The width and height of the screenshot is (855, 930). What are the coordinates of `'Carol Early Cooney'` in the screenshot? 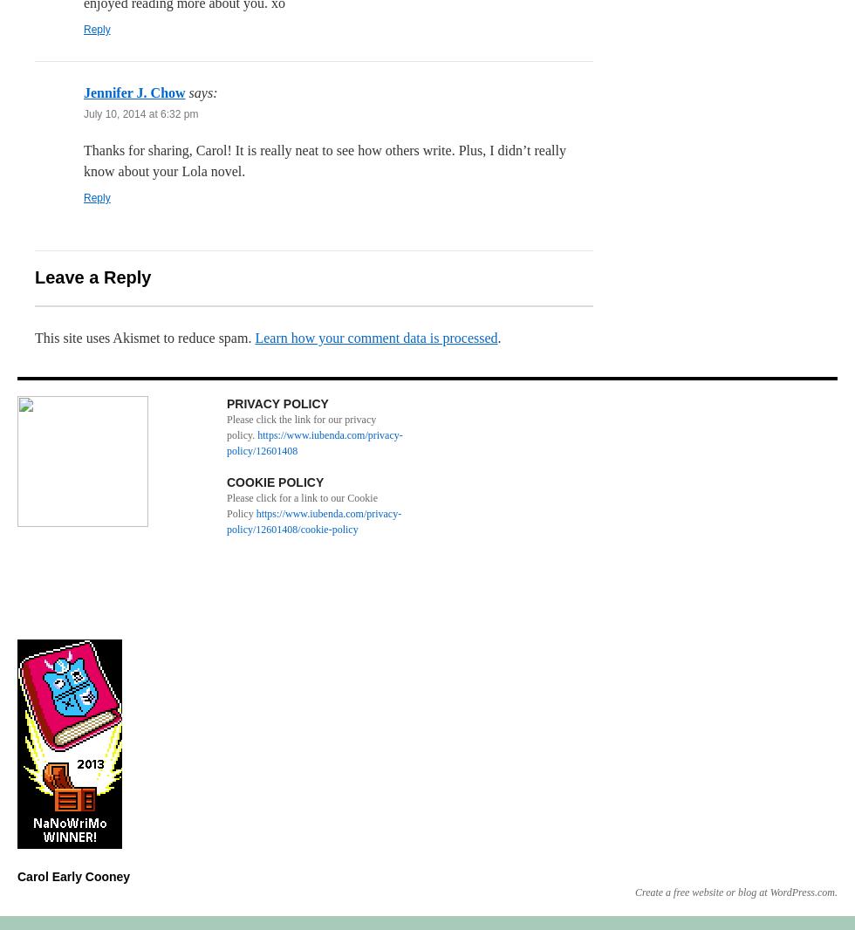 It's located at (73, 877).